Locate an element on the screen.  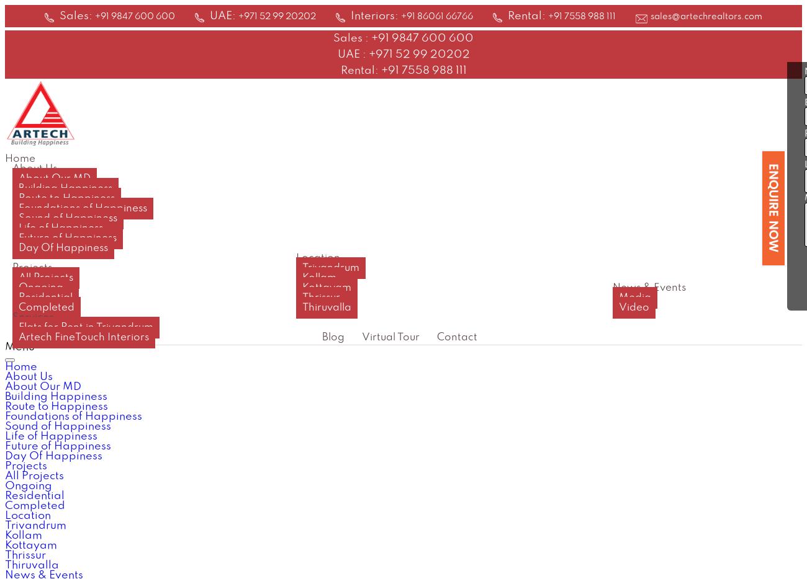
'Rental:' is located at coordinates (528, 15).